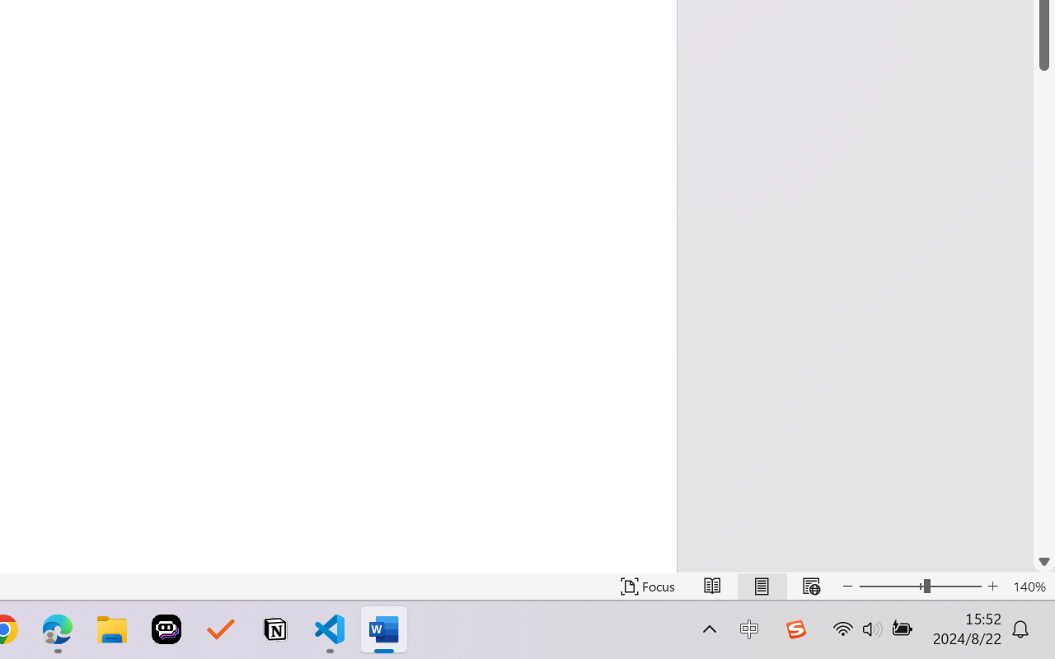  What do you see at coordinates (795, 629) in the screenshot?
I see `'Class: Image'` at bounding box center [795, 629].